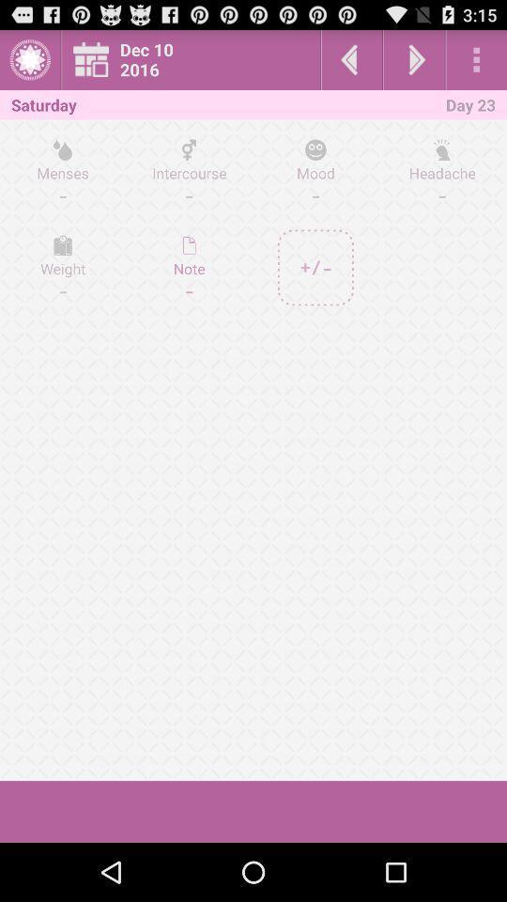 Image resolution: width=507 pixels, height=902 pixels. I want to click on go back, so click(351, 59).